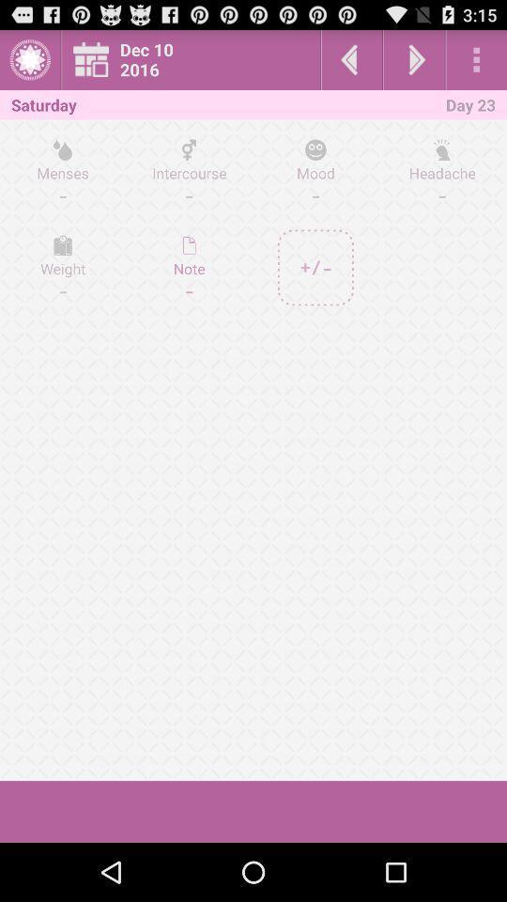 Image resolution: width=507 pixels, height=902 pixels. I want to click on go back, so click(351, 59).